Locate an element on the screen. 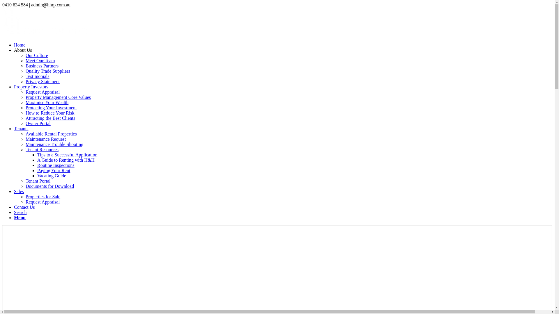  'A Guide to Renting with H&H' is located at coordinates (66, 160).